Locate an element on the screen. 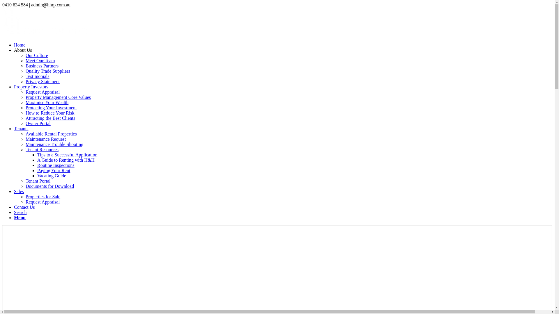  'A Guide to Renting with H&H' is located at coordinates (66, 160).